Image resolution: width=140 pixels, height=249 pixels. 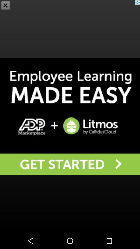 What do you see at coordinates (5, 5) in the screenshot?
I see `the close icon` at bounding box center [5, 5].